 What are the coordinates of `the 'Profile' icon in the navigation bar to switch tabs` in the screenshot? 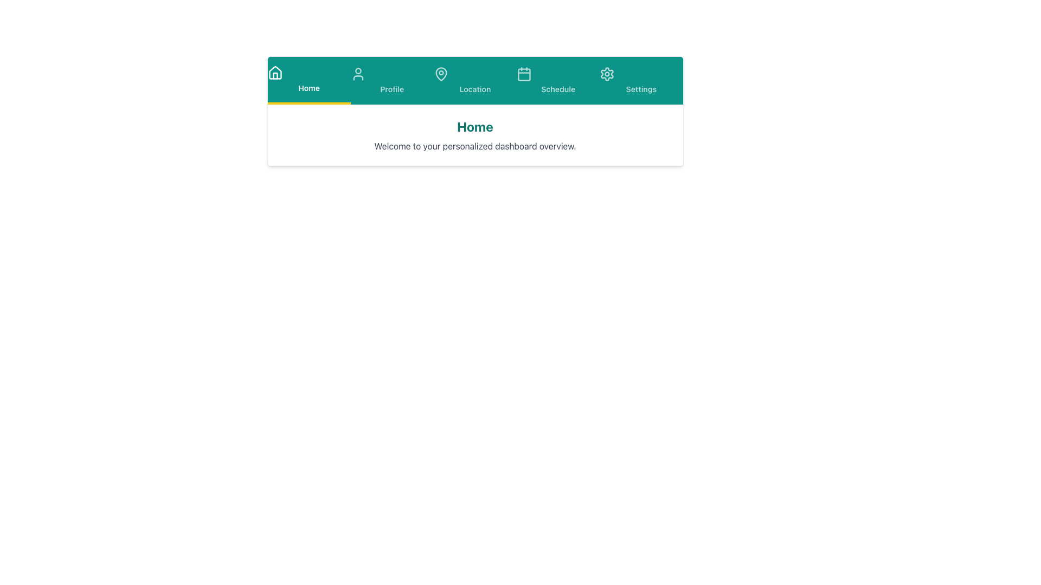 It's located at (358, 74).